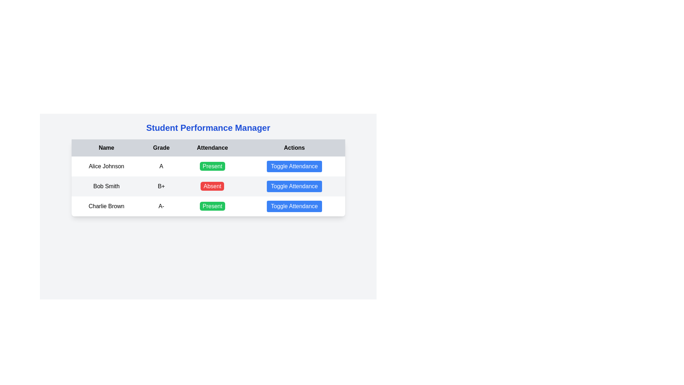  I want to click on the attendance status label for Charlie Brown, which indicates that he is marked as present in the third row of the attendance column, so click(212, 206).